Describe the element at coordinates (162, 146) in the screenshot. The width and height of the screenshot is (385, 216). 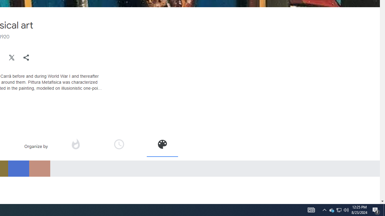
I see `'Organize by color'` at that location.